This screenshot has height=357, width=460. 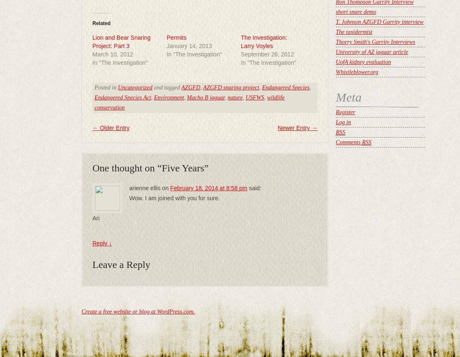 What do you see at coordinates (376, 42) in the screenshot?
I see `'Thorry Smith's Garrity Interviews'` at bounding box center [376, 42].